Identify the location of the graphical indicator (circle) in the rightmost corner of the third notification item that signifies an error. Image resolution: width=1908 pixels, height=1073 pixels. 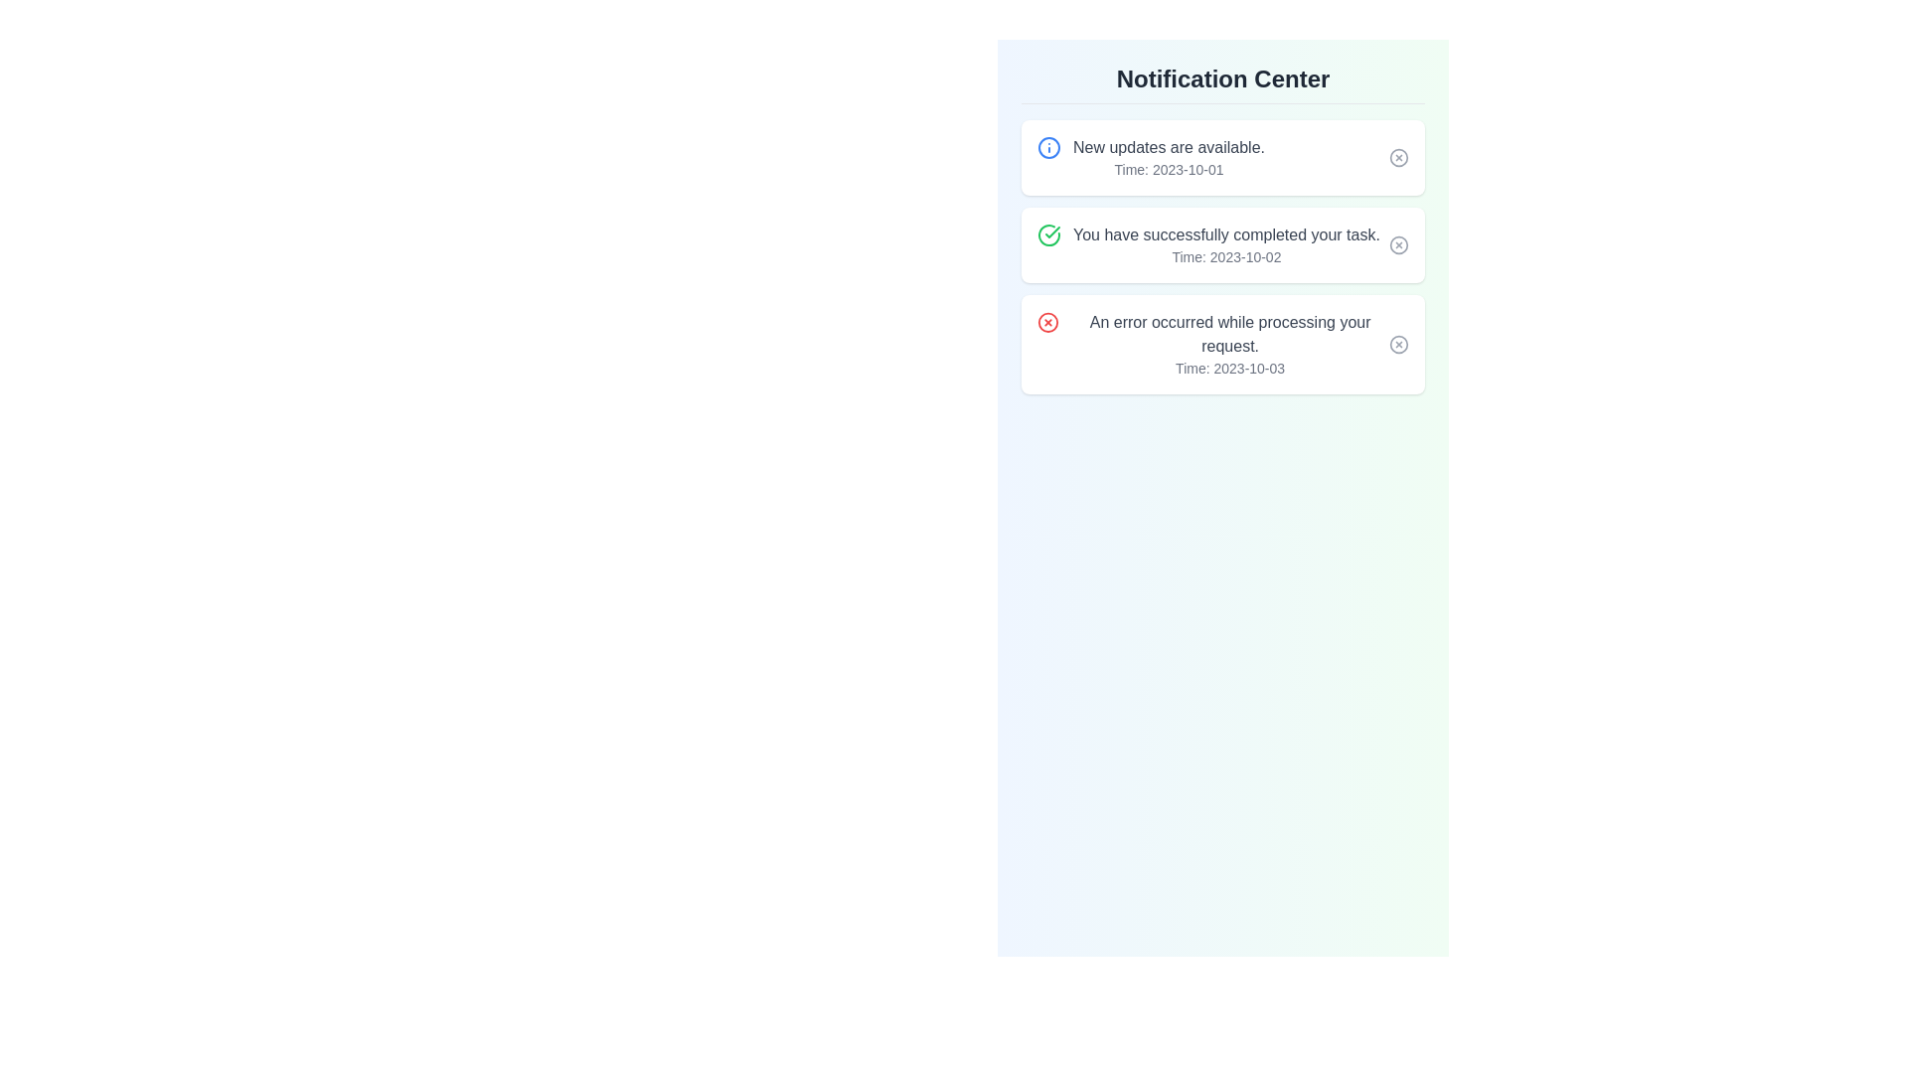
(1397, 344).